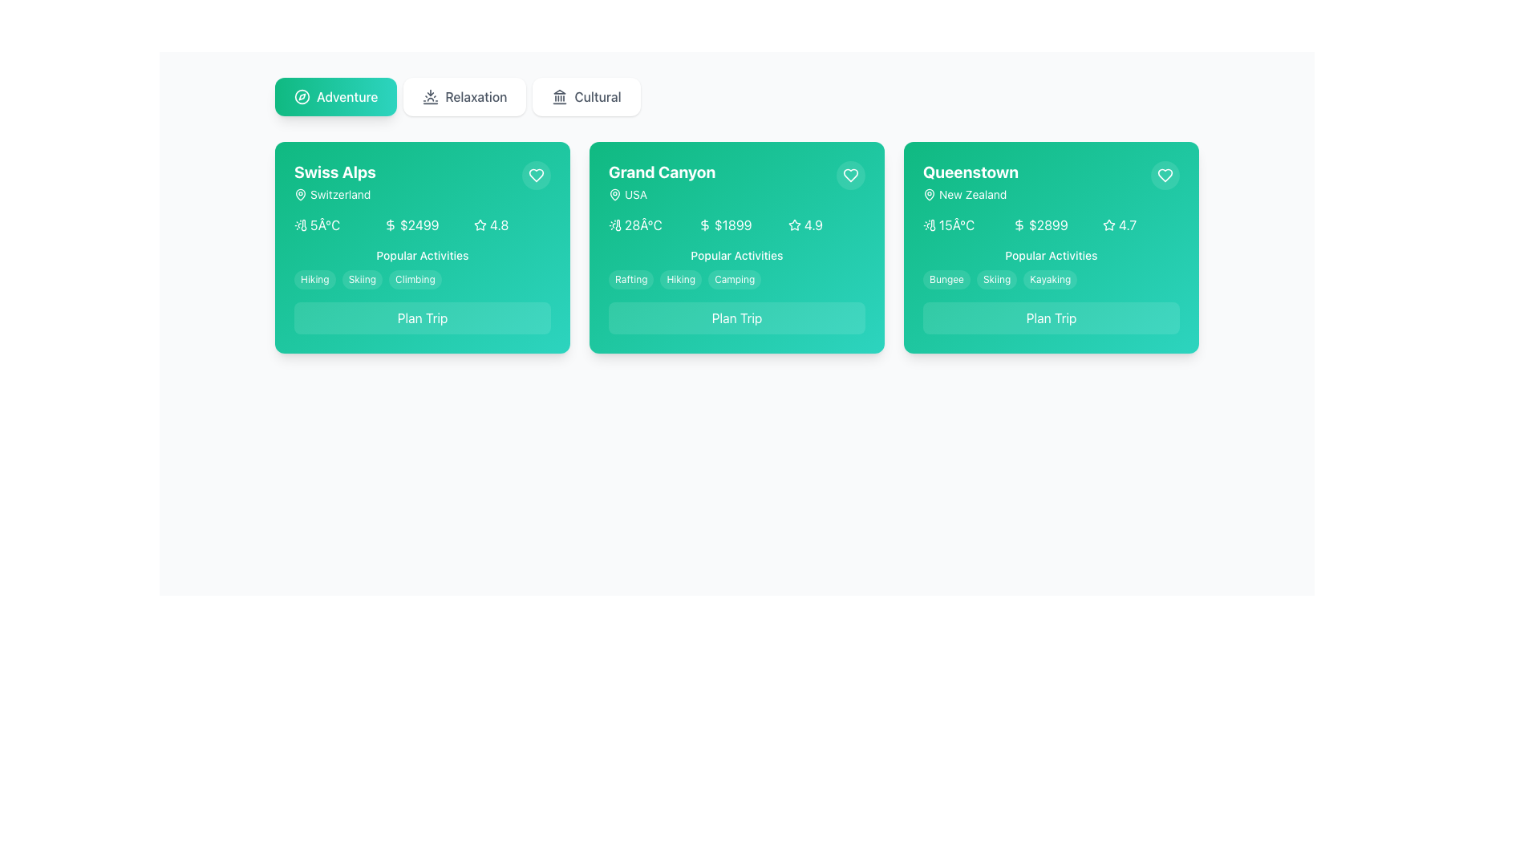 This screenshot has height=866, width=1540. I want to click on the price text label with an icon located in the third card representing Queenstown, New Zealand, which is situated centrally in the lower half of its card, so click(1051, 225).